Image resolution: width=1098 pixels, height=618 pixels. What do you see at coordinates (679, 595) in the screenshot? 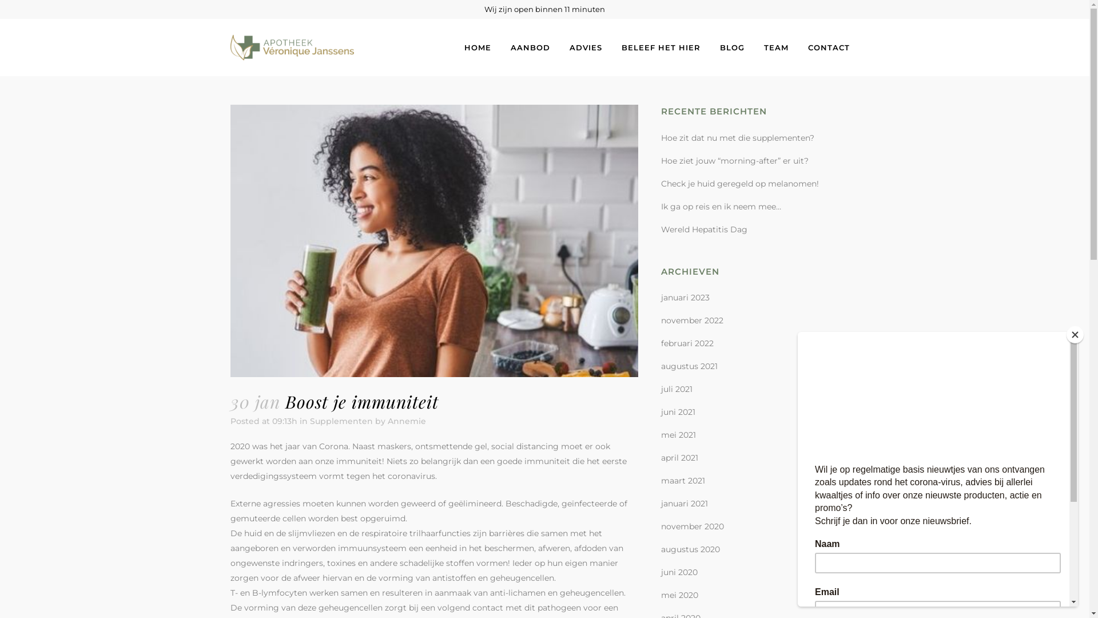
I see `'mei 2020'` at bounding box center [679, 595].